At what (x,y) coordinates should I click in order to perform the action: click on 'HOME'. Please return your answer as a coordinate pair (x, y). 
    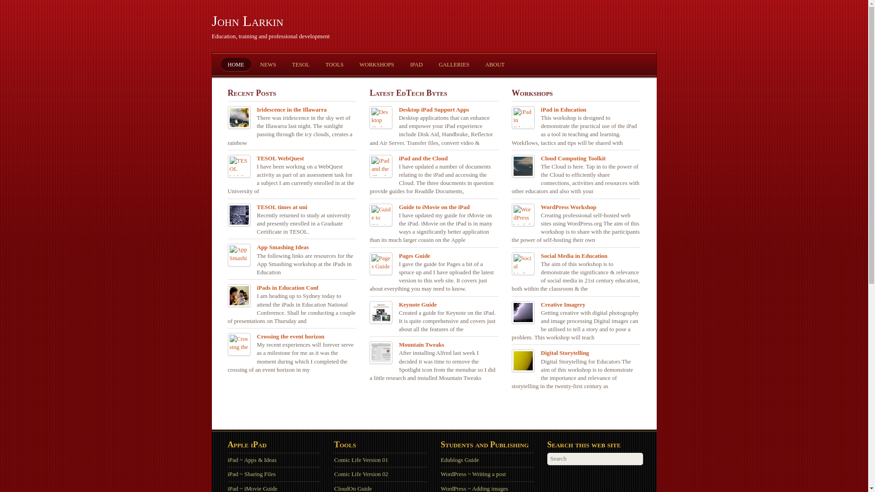
    Looking at the image, I should click on (236, 64).